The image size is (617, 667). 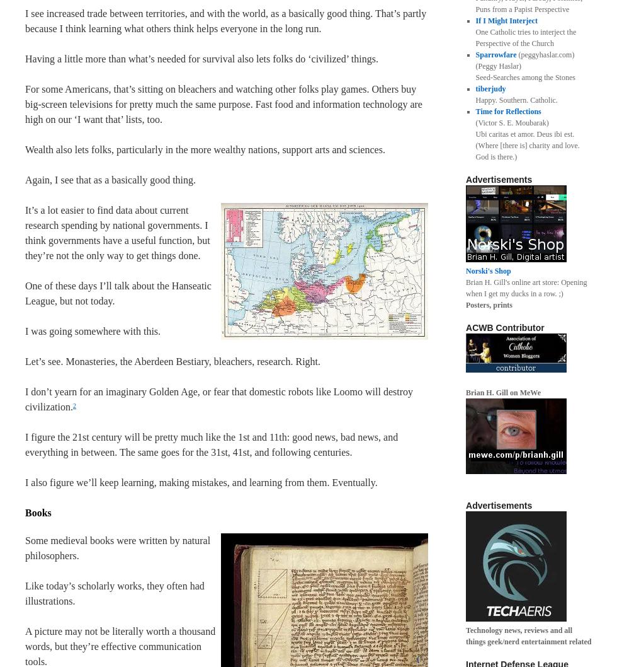 I want to click on 'Brian H. Gill's online art store: Opening when I get my ducks in a row. ;)', so click(x=465, y=287).